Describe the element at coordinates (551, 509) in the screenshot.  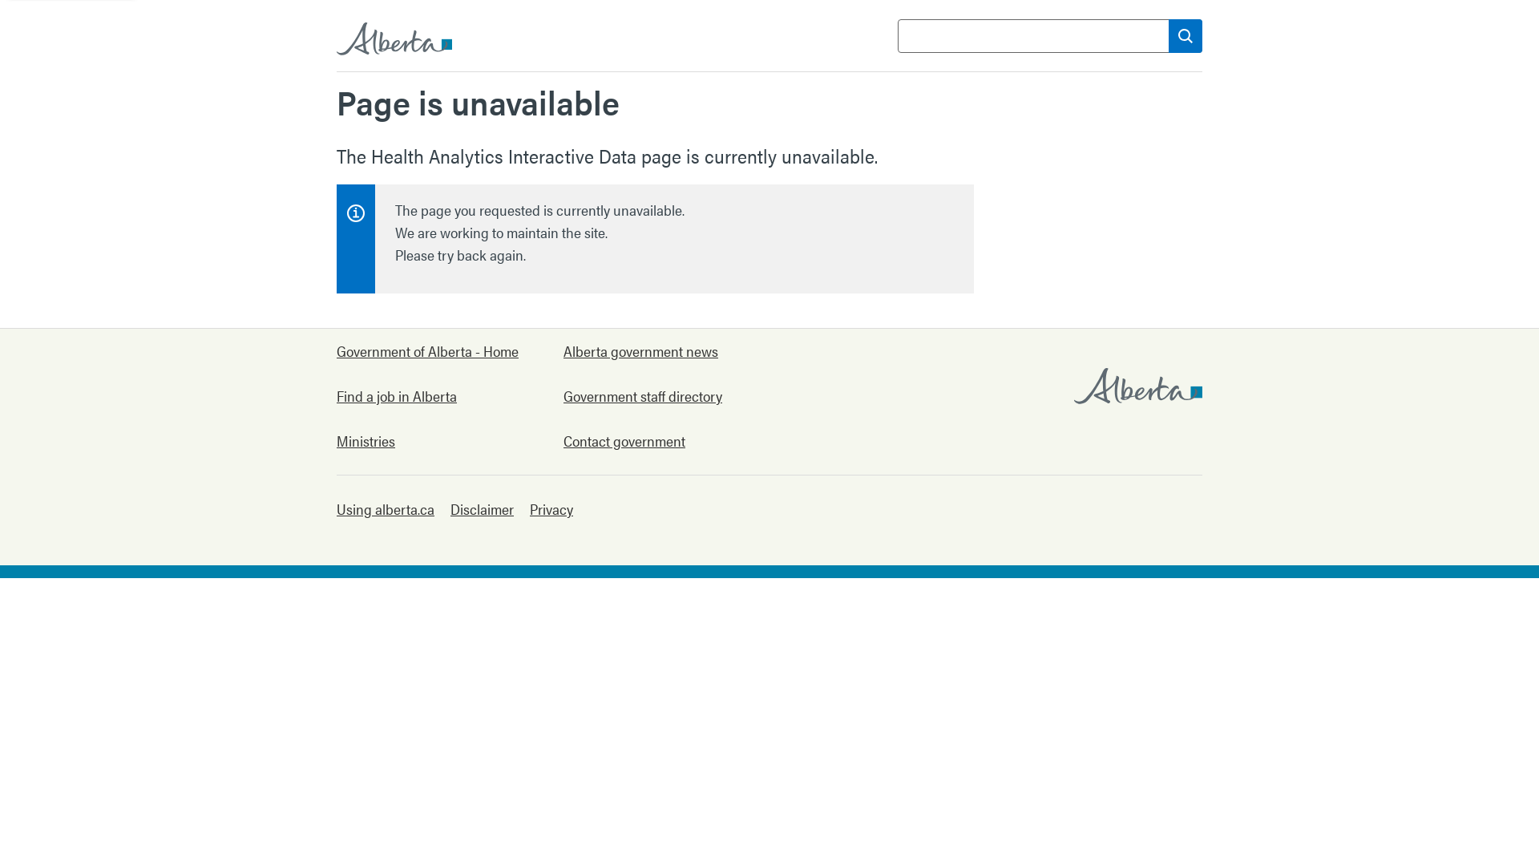
I see `'Privacy'` at that location.